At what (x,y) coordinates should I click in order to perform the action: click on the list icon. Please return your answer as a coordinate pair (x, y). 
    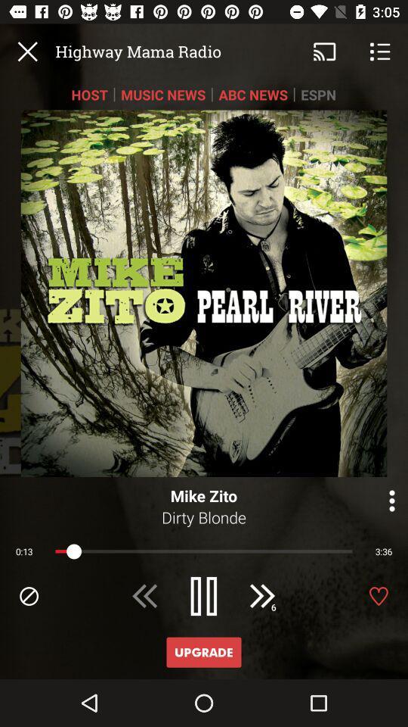
    Looking at the image, I should click on (379, 51).